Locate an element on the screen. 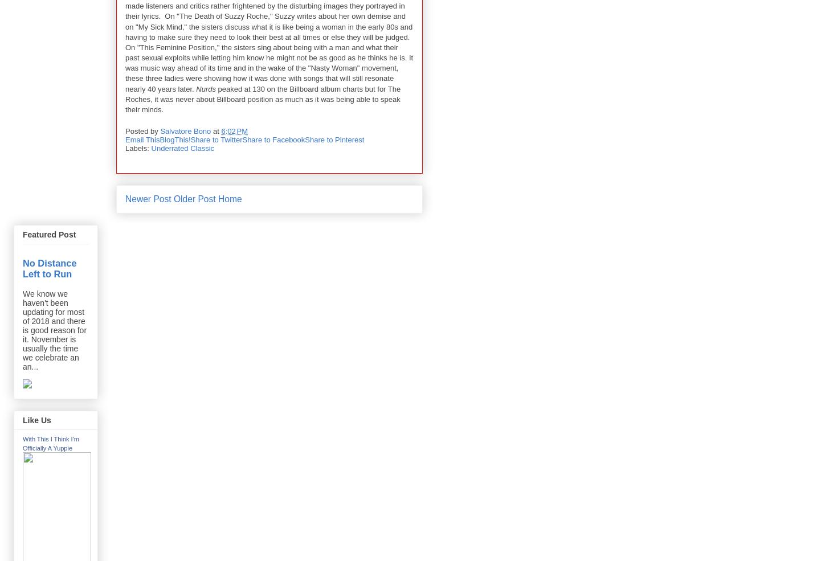  'Featured Post' is located at coordinates (49, 234).